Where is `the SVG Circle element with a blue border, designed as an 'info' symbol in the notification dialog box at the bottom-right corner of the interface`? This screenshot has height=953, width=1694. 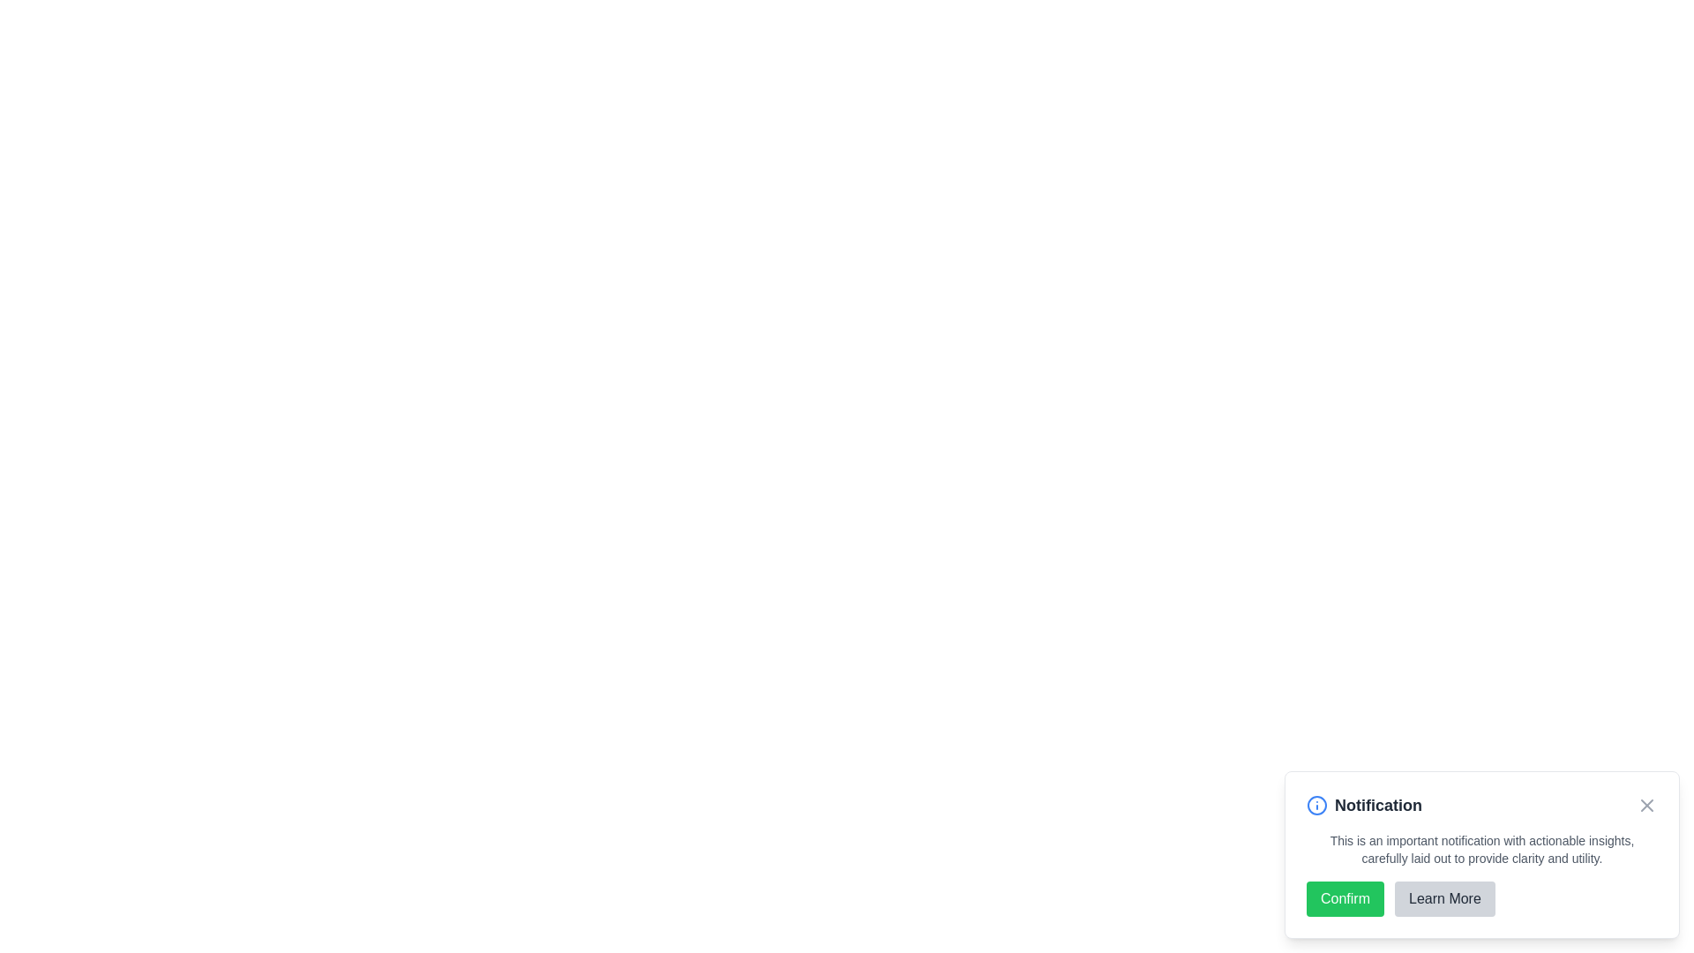 the SVG Circle element with a blue border, designed as an 'info' symbol in the notification dialog box at the bottom-right corner of the interface is located at coordinates (1316, 806).